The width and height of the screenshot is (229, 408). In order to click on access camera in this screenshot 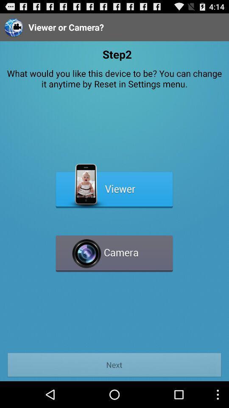, I will do `click(114, 250)`.